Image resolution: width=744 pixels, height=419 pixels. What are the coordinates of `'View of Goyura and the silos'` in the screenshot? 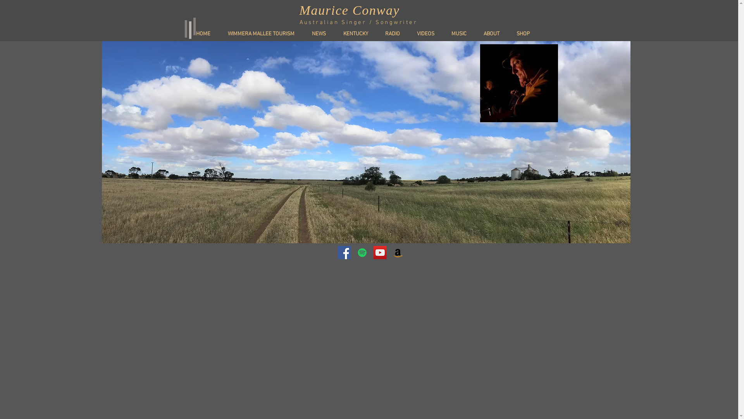 It's located at (365, 142).